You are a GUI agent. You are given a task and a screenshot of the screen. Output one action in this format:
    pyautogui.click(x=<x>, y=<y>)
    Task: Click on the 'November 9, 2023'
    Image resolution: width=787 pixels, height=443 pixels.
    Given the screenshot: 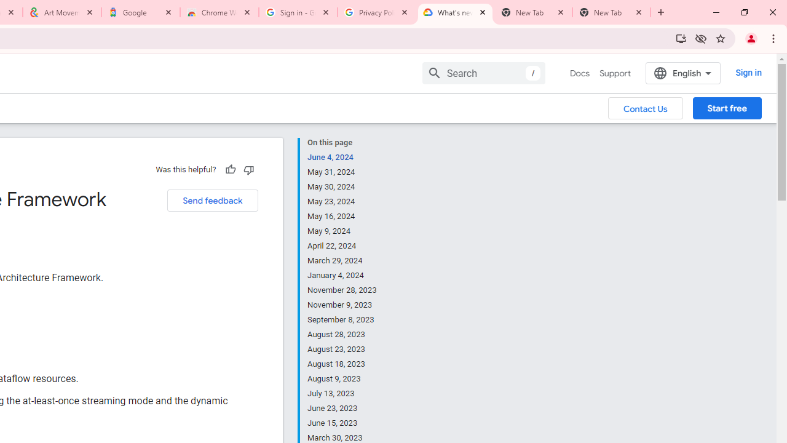 What is the action you would take?
    pyautogui.click(x=342, y=305)
    